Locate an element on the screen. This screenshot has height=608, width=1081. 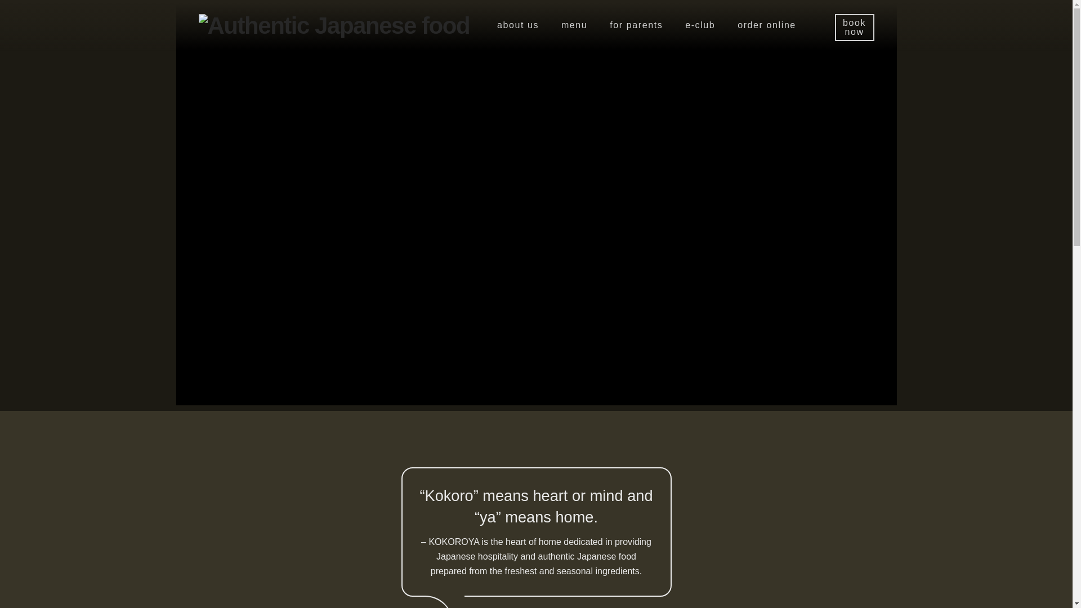
'e-club' is located at coordinates (699, 25).